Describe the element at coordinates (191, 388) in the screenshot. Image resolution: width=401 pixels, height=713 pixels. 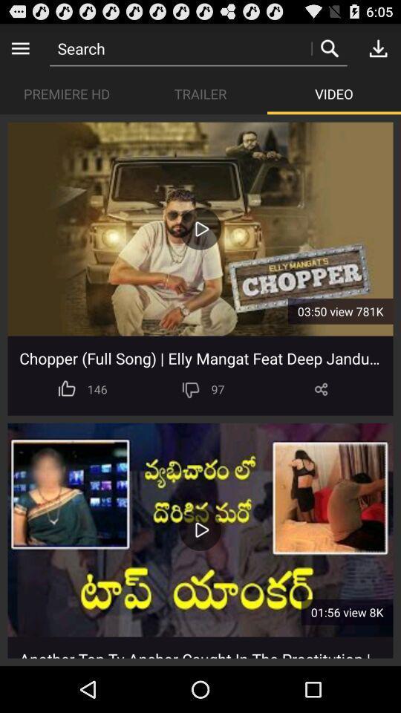
I see `app to the right of 146 icon` at that location.